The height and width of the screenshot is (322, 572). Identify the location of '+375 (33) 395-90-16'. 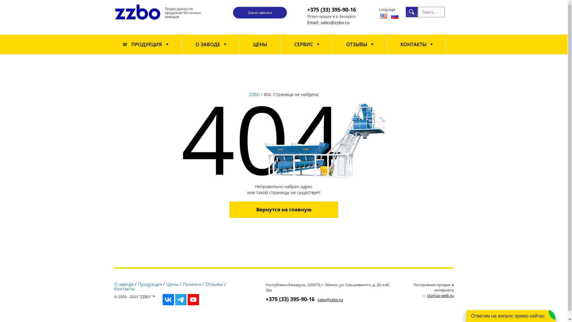
(290, 299).